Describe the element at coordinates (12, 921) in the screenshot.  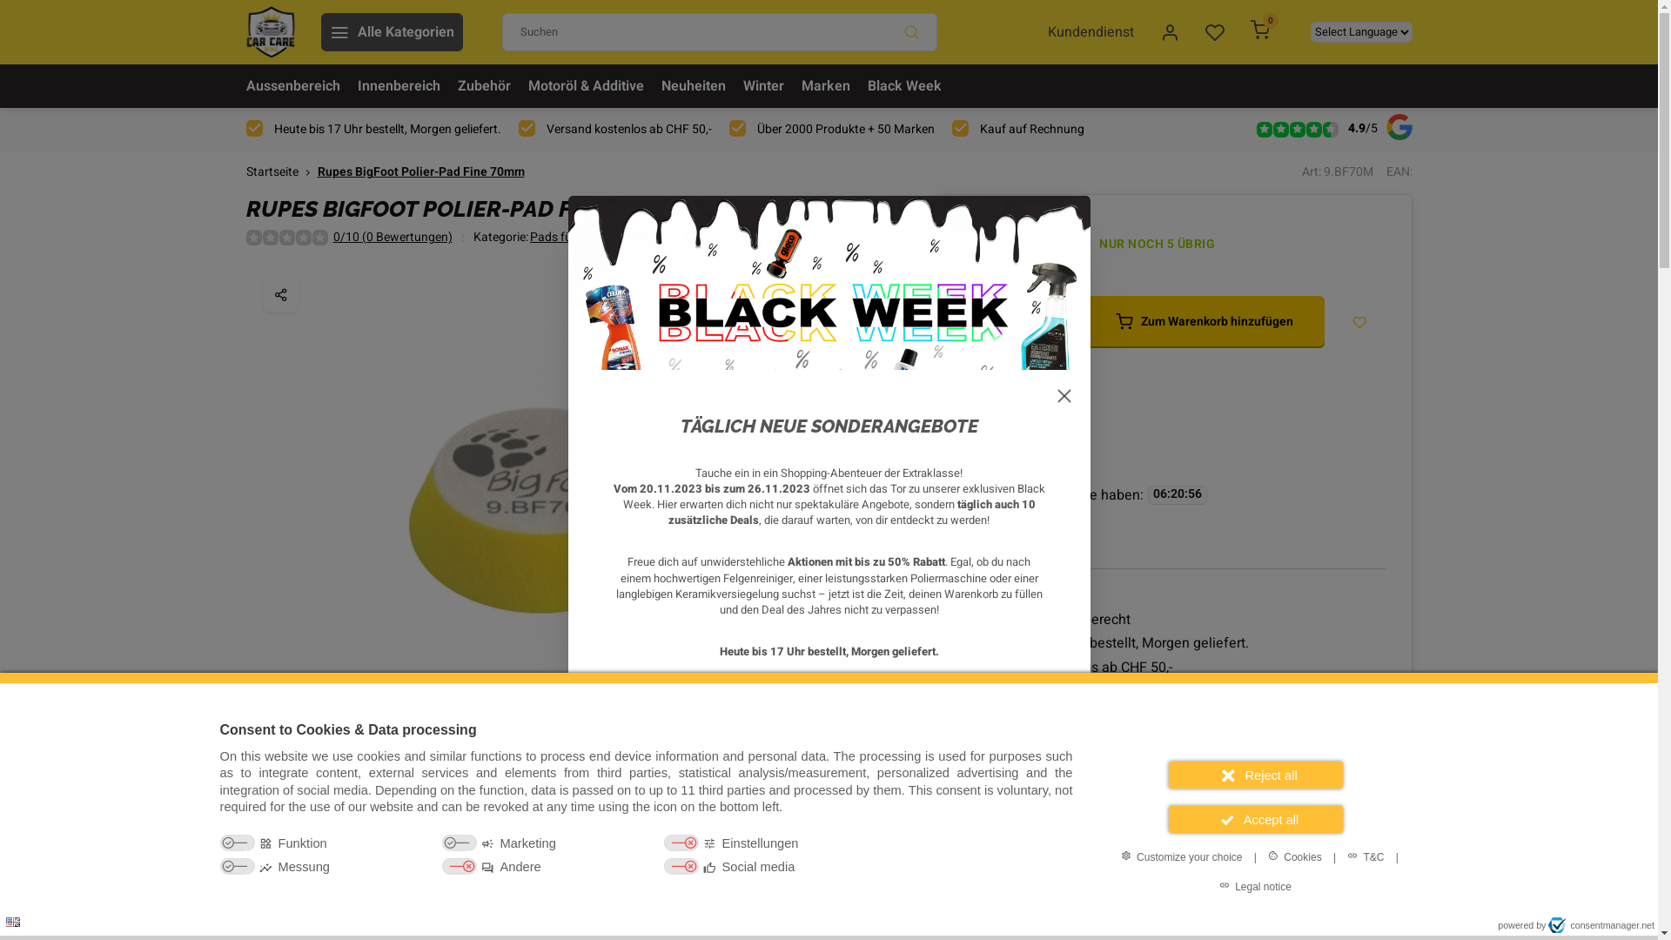
I see `'Language: en'` at that location.